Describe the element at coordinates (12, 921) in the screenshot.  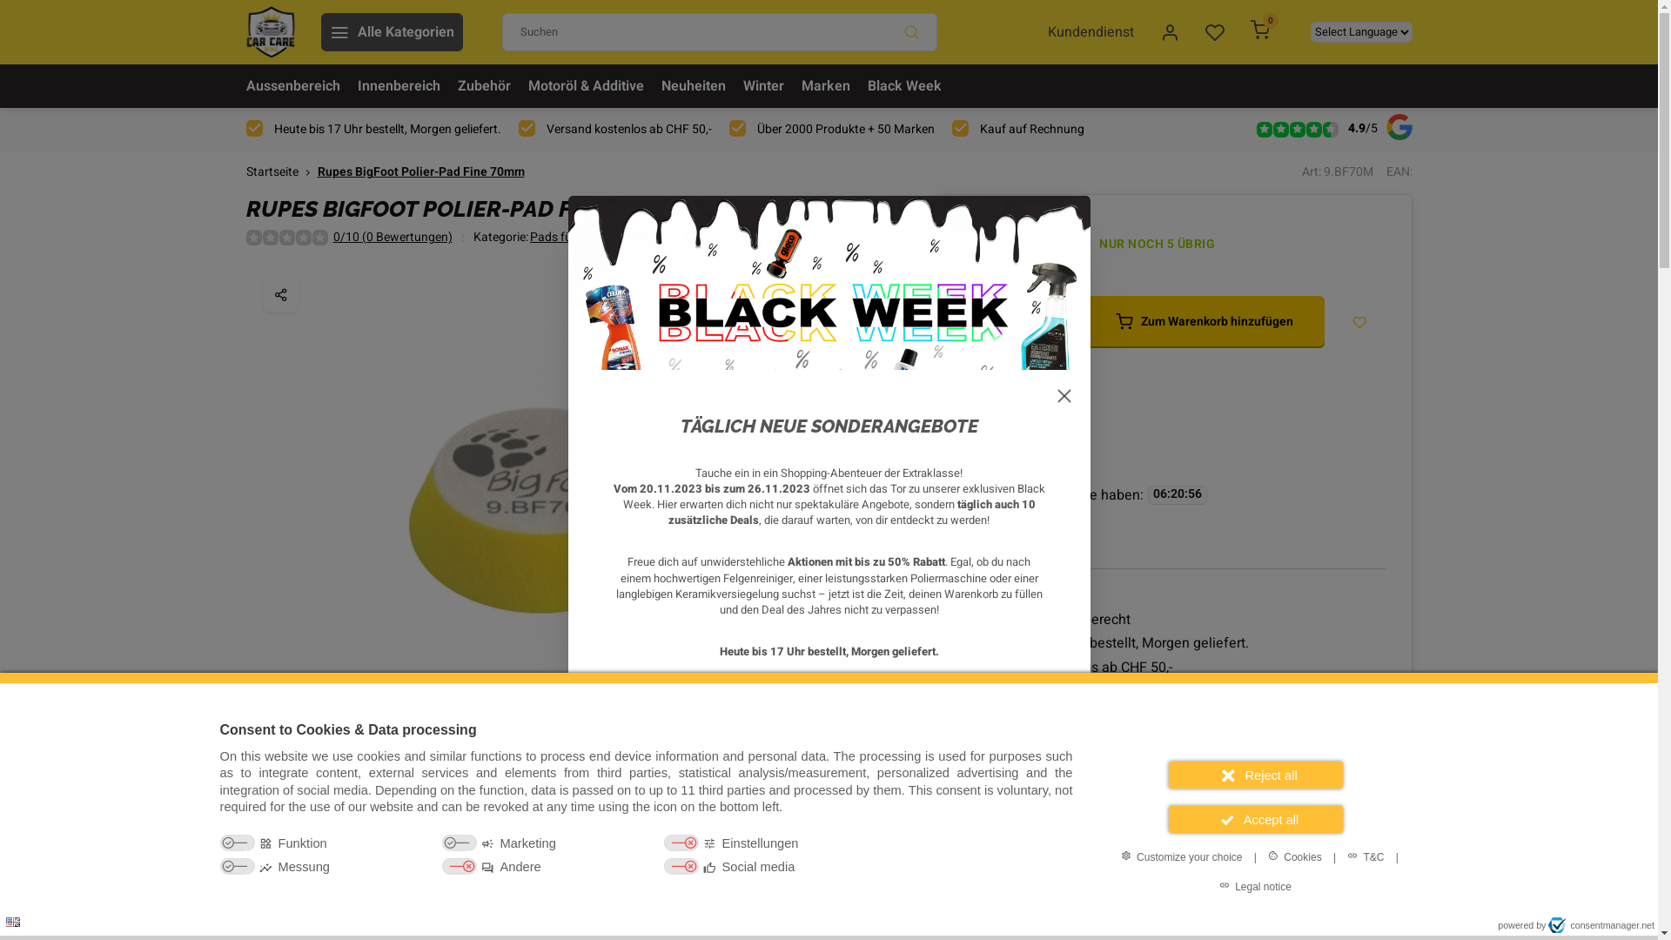
I see `'Language: en'` at that location.